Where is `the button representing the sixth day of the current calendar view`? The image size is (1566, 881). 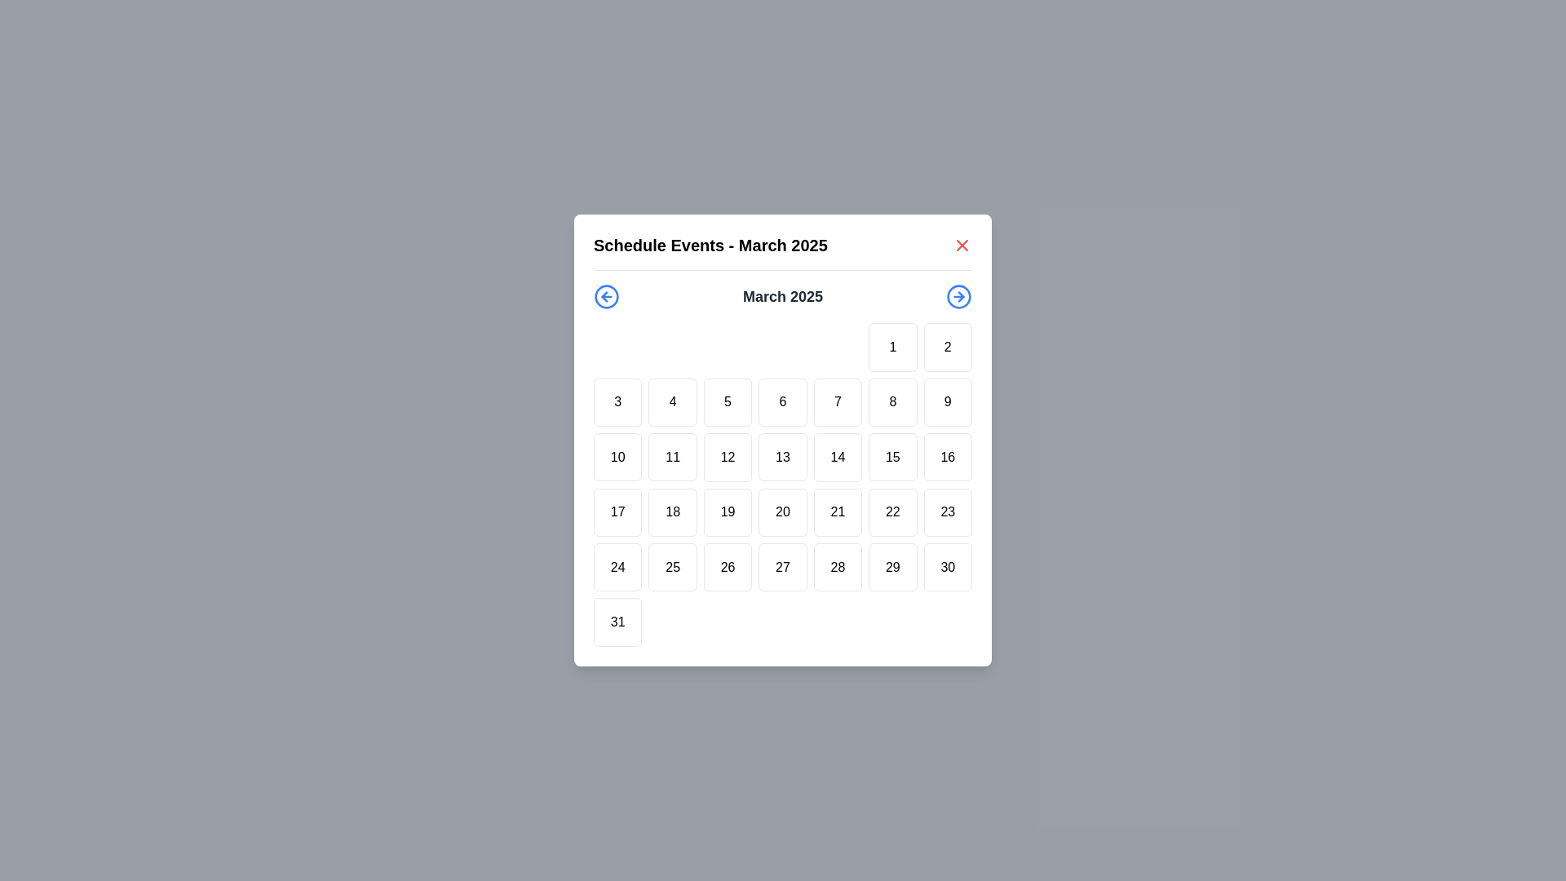 the button representing the sixth day of the current calendar view is located at coordinates (783, 402).